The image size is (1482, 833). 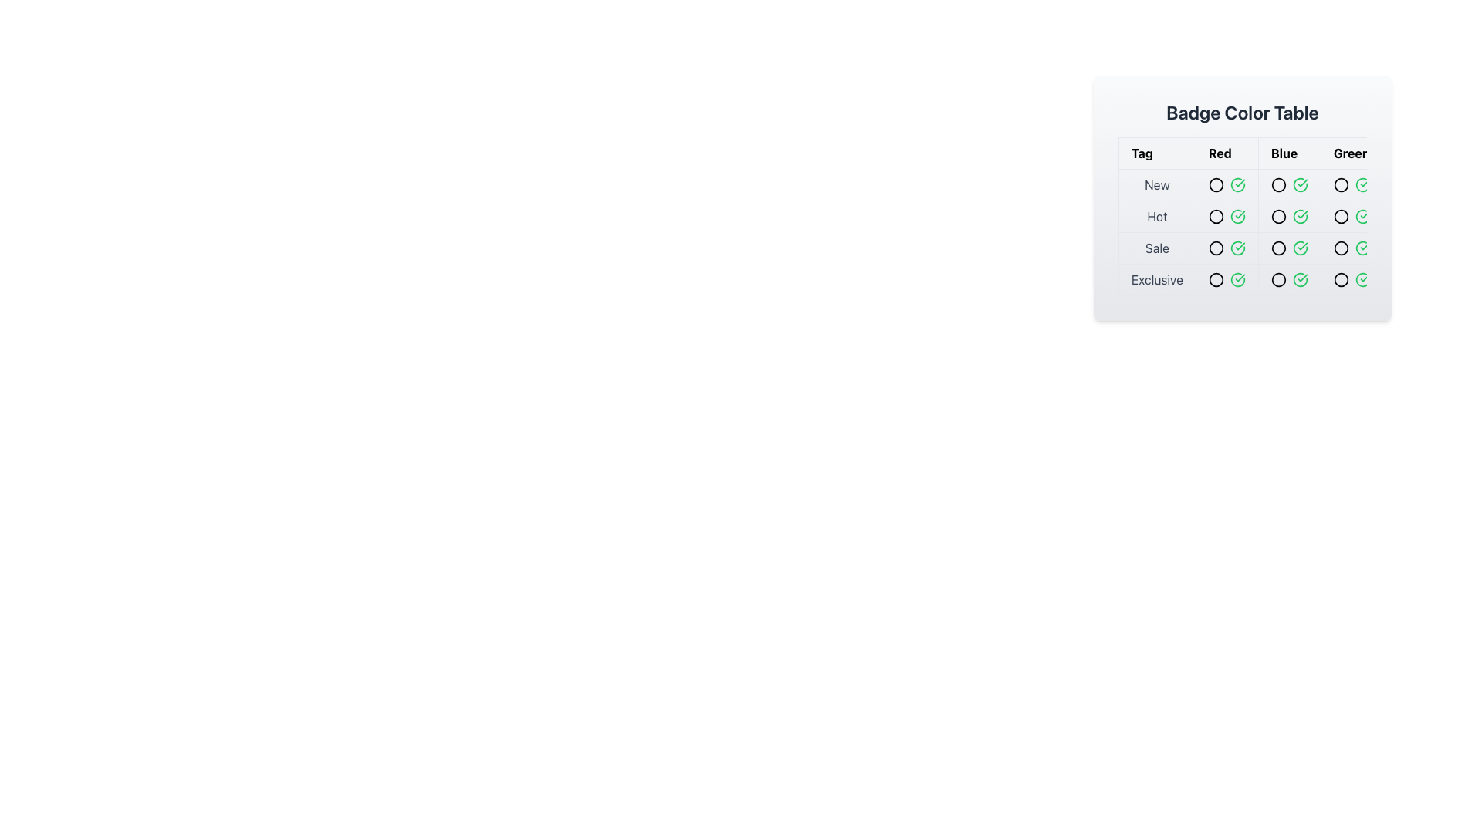 I want to click on the text label 'Hot' styled in gray font, located in the second row of the table under the 'Tag' column, between 'New' and 'Sale', so click(x=1157, y=217).